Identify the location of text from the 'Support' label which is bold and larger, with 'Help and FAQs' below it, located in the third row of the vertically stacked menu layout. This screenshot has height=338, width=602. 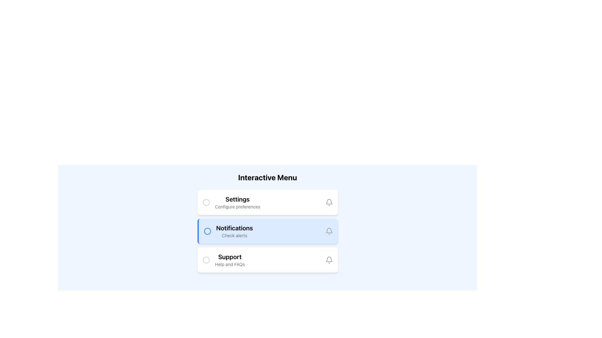
(224, 260).